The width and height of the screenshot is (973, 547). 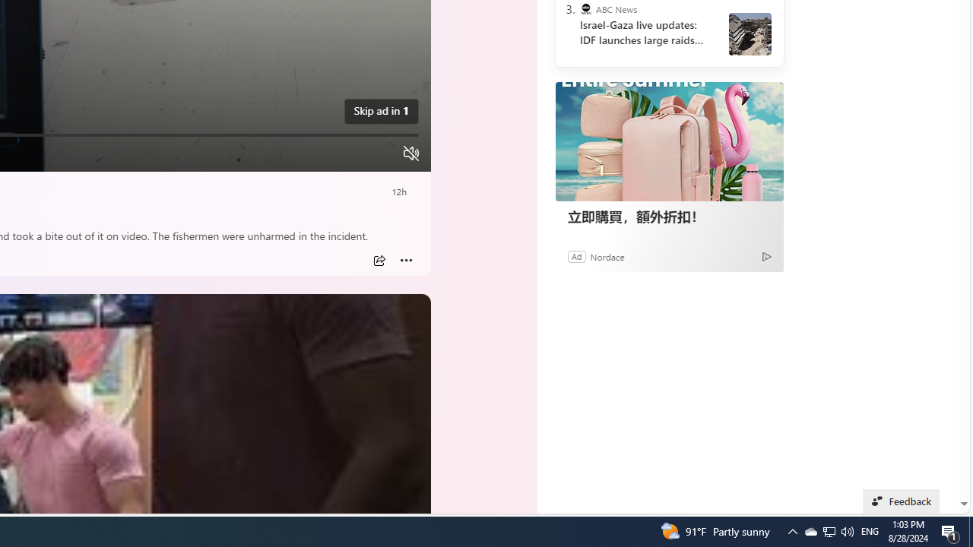 I want to click on 'Unmute', so click(x=410, y=153).